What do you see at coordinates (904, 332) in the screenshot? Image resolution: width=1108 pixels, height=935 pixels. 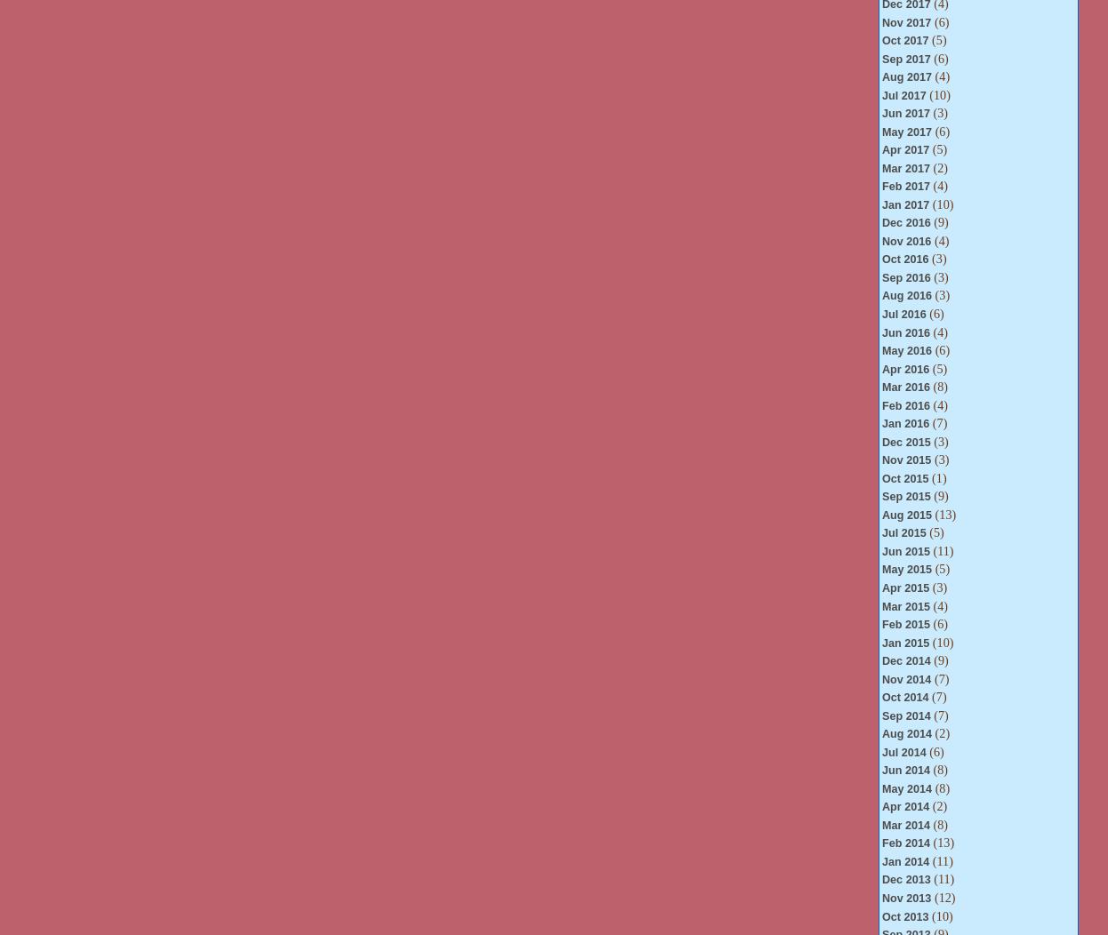 I see `'Jun 2016'` at bounding box center [904, 332].